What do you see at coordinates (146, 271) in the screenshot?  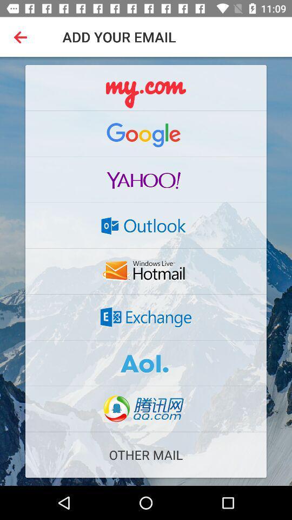 I see `etc` at bounding box center [146, 271].